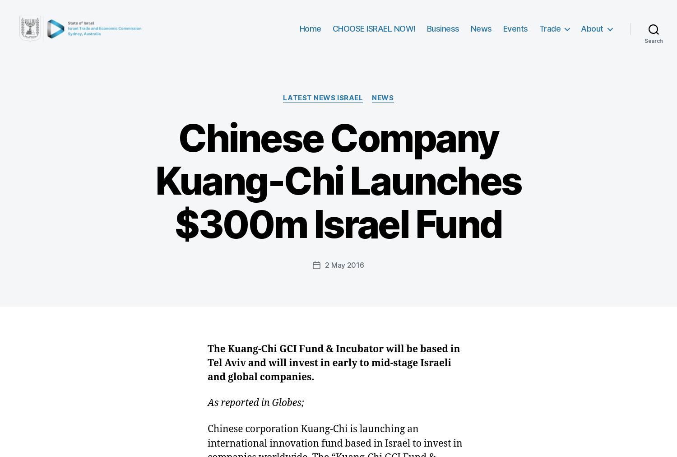 This screenshot has width=677, height=457. What do you see at coordinates (241, 376) in the screenshot?
I see `'7 Oct 2011'` at bounding box center [241, 376].